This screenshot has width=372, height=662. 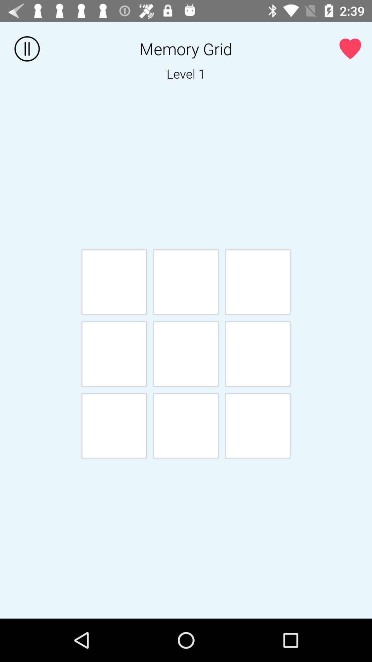 What do you see at coordinates (258, 354) in the screenshot?
I see `the sixth white box` at bounding box center [258, 354].